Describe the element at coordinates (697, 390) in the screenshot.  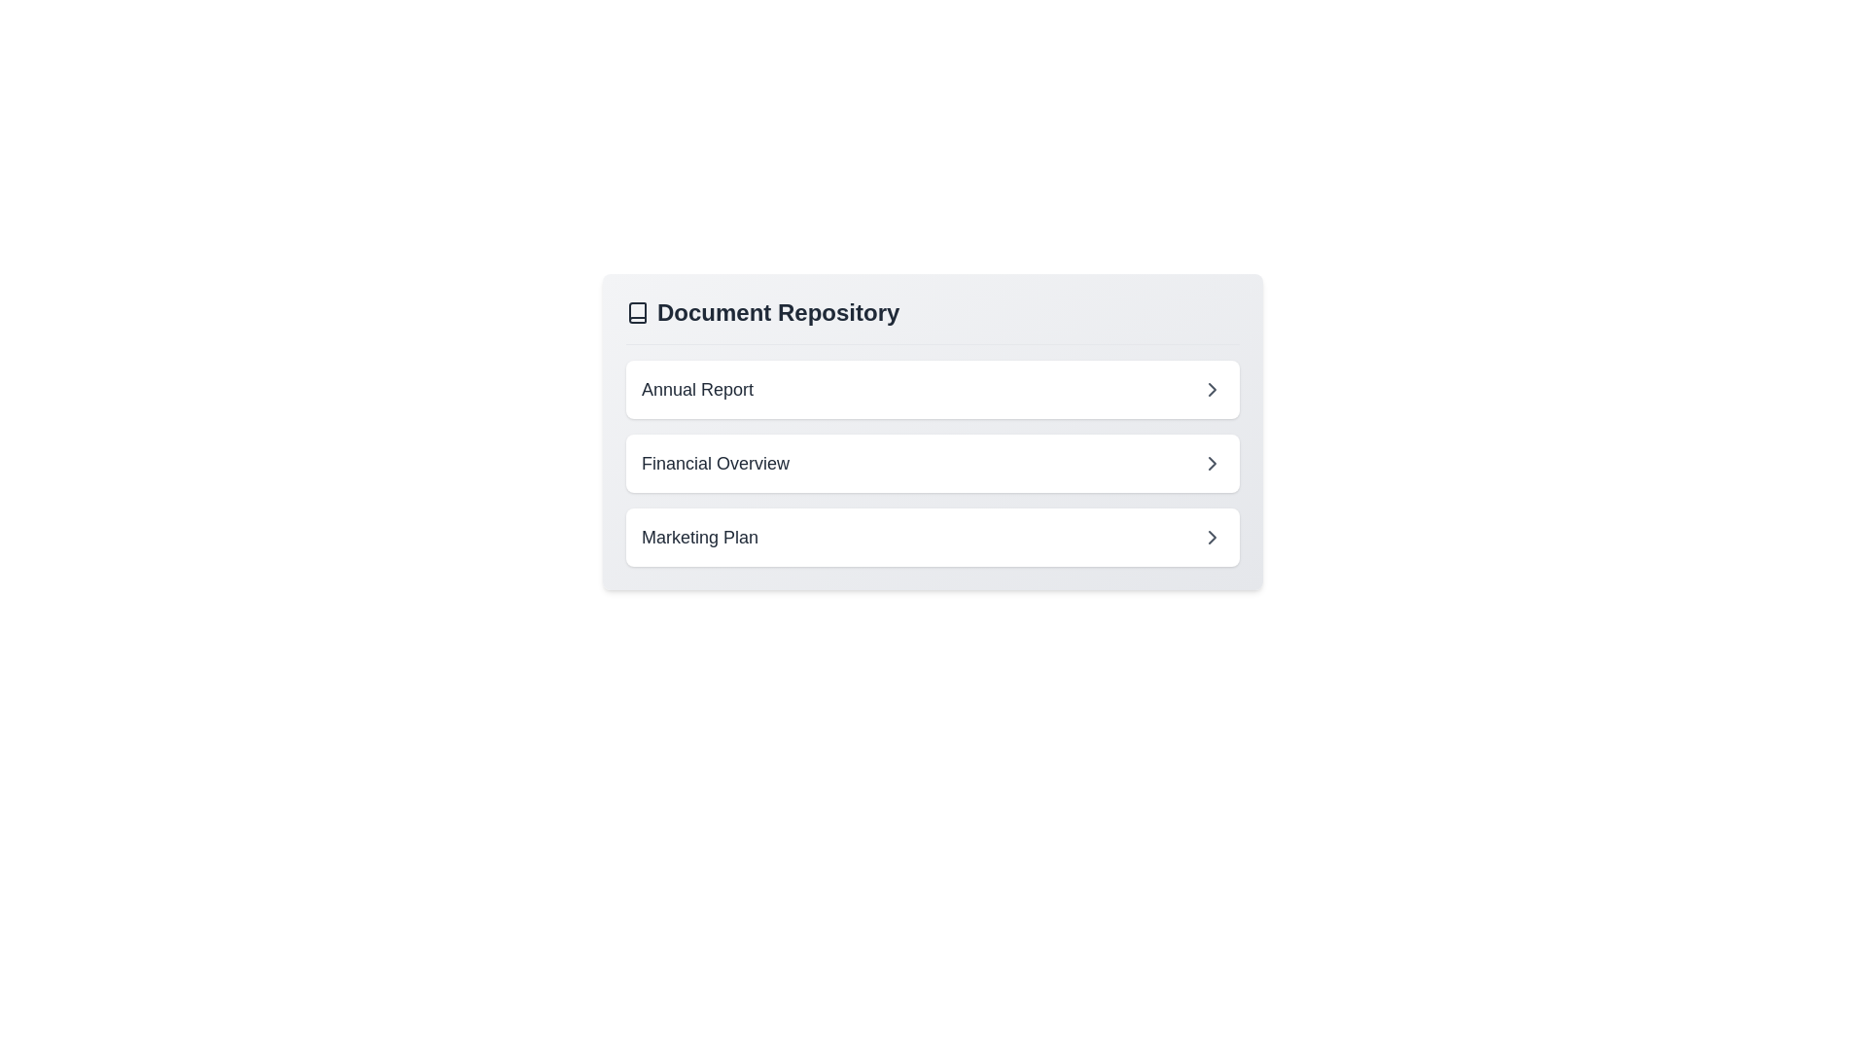
I see `the text label displaying 'Annual Report' in the 'Document Repository' section, which is styled in a bold font with dark gray color` at that location.